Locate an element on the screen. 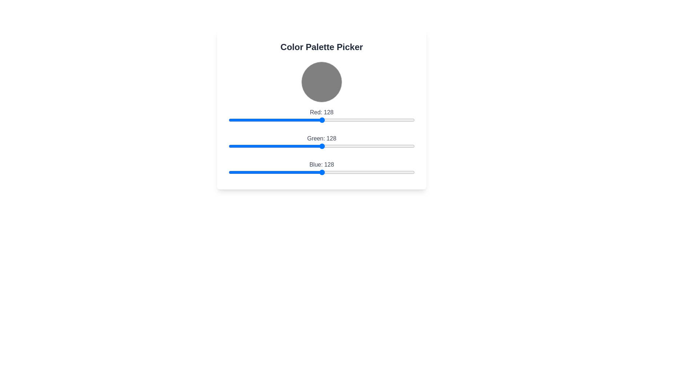 Image resolution: width=698 pixels, height=392 pixels. the color preview displayed above the interactive sliders for controlling RGB values to verify any changes made by dragging the sliders is located at coordinates (321, 109).